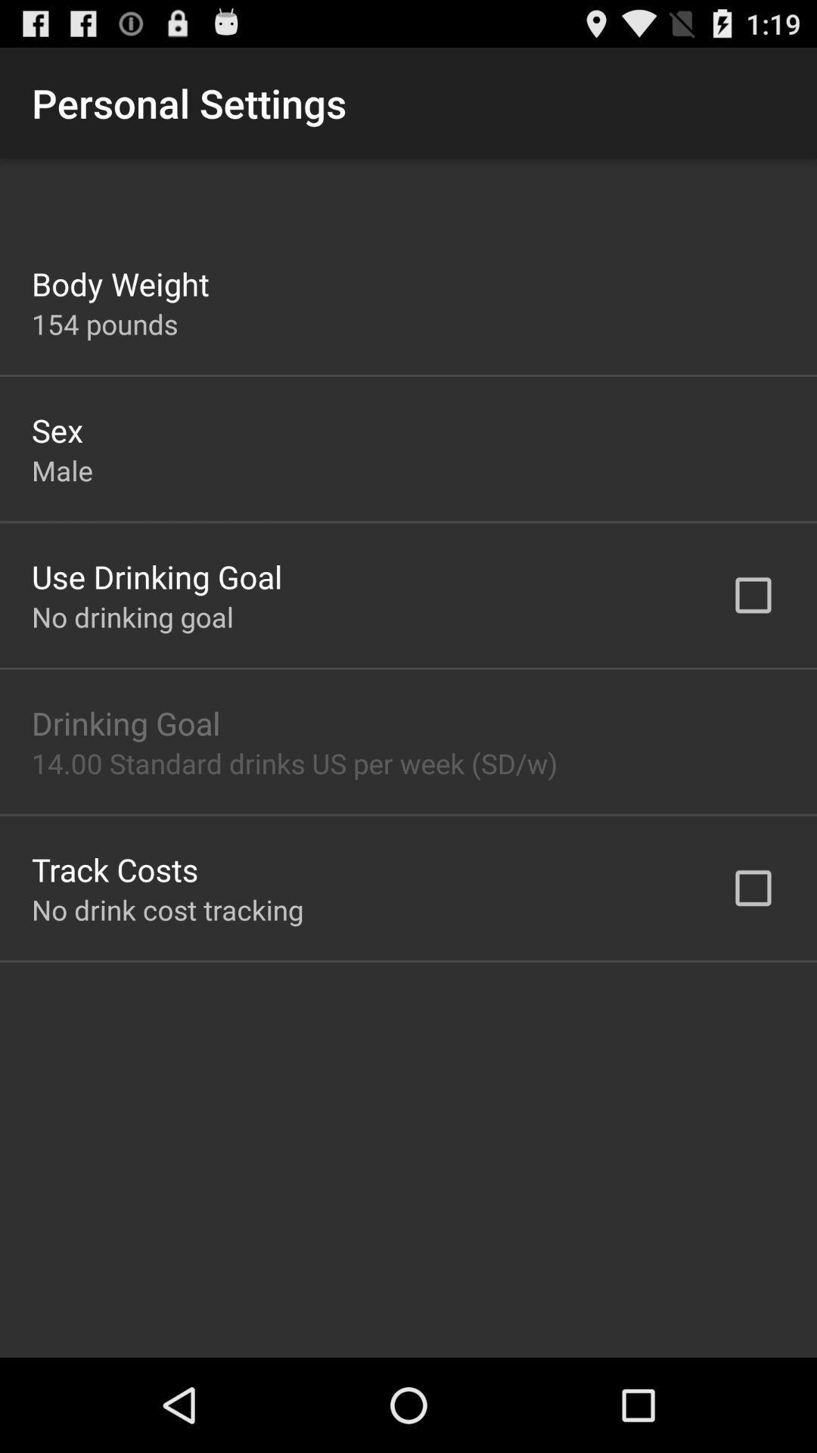 This screenshot has height=1453, width=817. I want to click on 154 pounds item, so click(104, 323).